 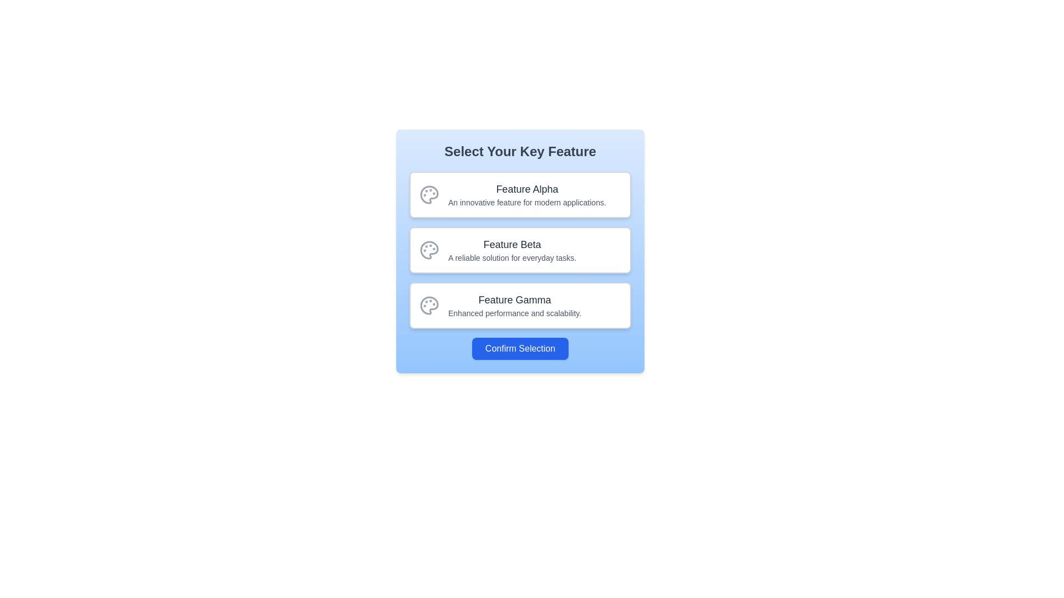 I want to click on the stylized palette-shaped icon, which is located within the 'Feature Beta' option, characterized by its circular outline and smaller paint dab elements, so click(x=428, y=250).